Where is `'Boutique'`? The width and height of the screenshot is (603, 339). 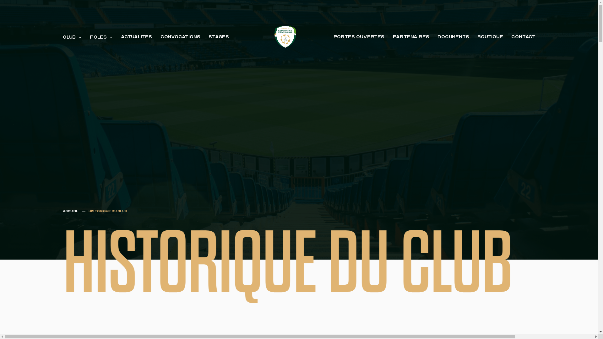 'Boutique' is located at coordinates (490, 37).